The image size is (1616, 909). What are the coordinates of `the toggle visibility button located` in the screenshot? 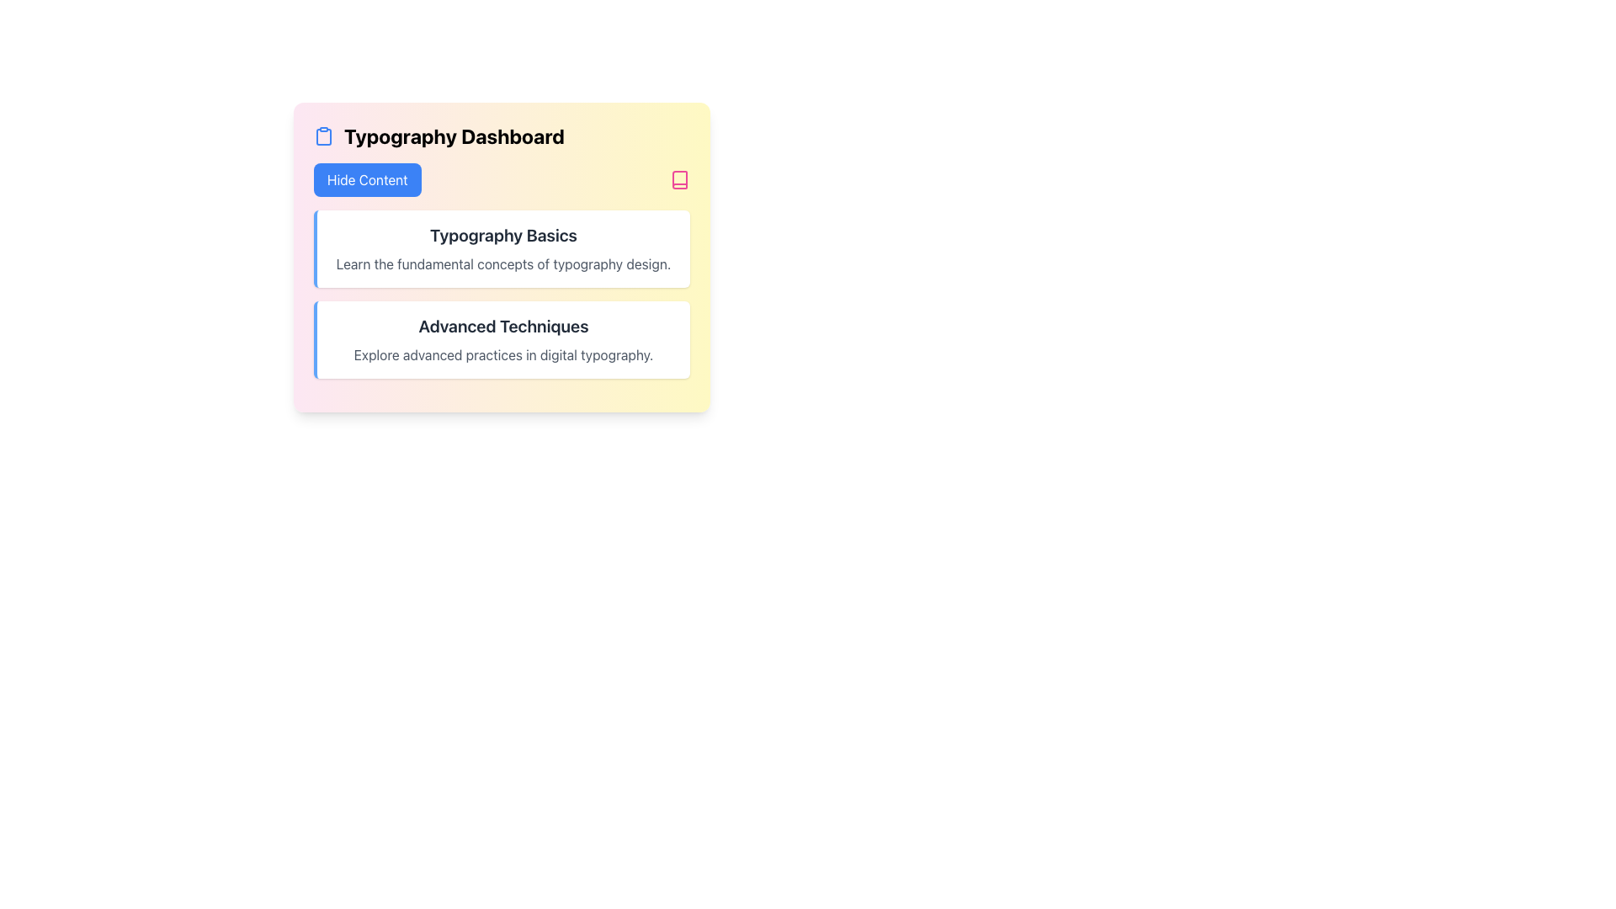 It's located at (366, 179).